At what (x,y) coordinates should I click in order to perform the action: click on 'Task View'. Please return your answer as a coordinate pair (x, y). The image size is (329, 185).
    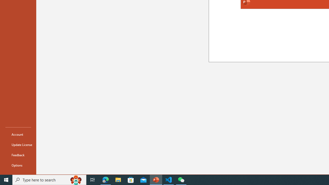
    Looking at the image, I should click on (92, 179).